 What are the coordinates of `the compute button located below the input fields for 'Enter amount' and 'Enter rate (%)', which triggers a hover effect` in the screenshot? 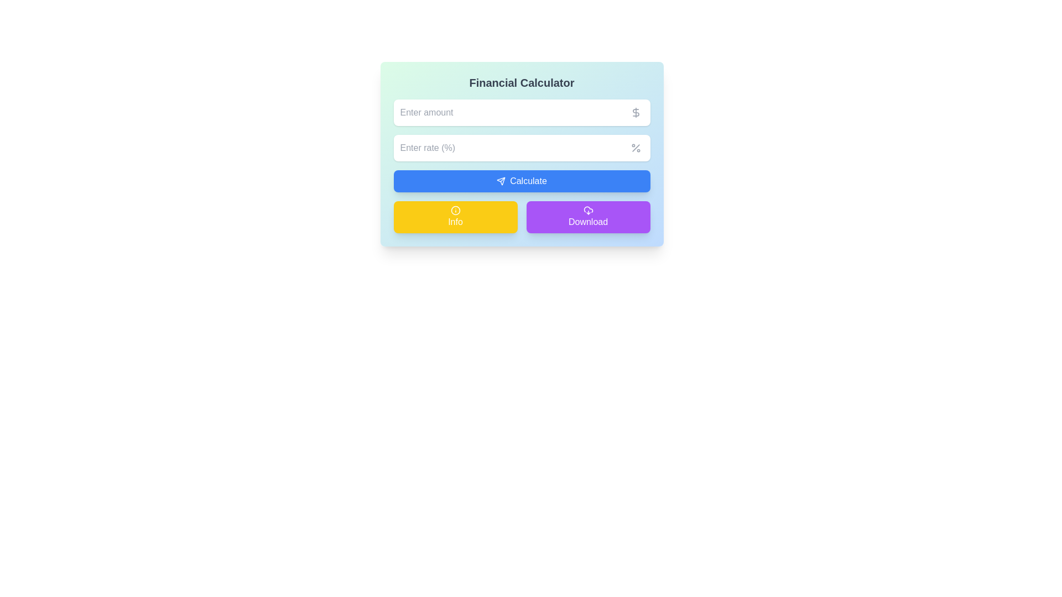 It's located at (521, 180).